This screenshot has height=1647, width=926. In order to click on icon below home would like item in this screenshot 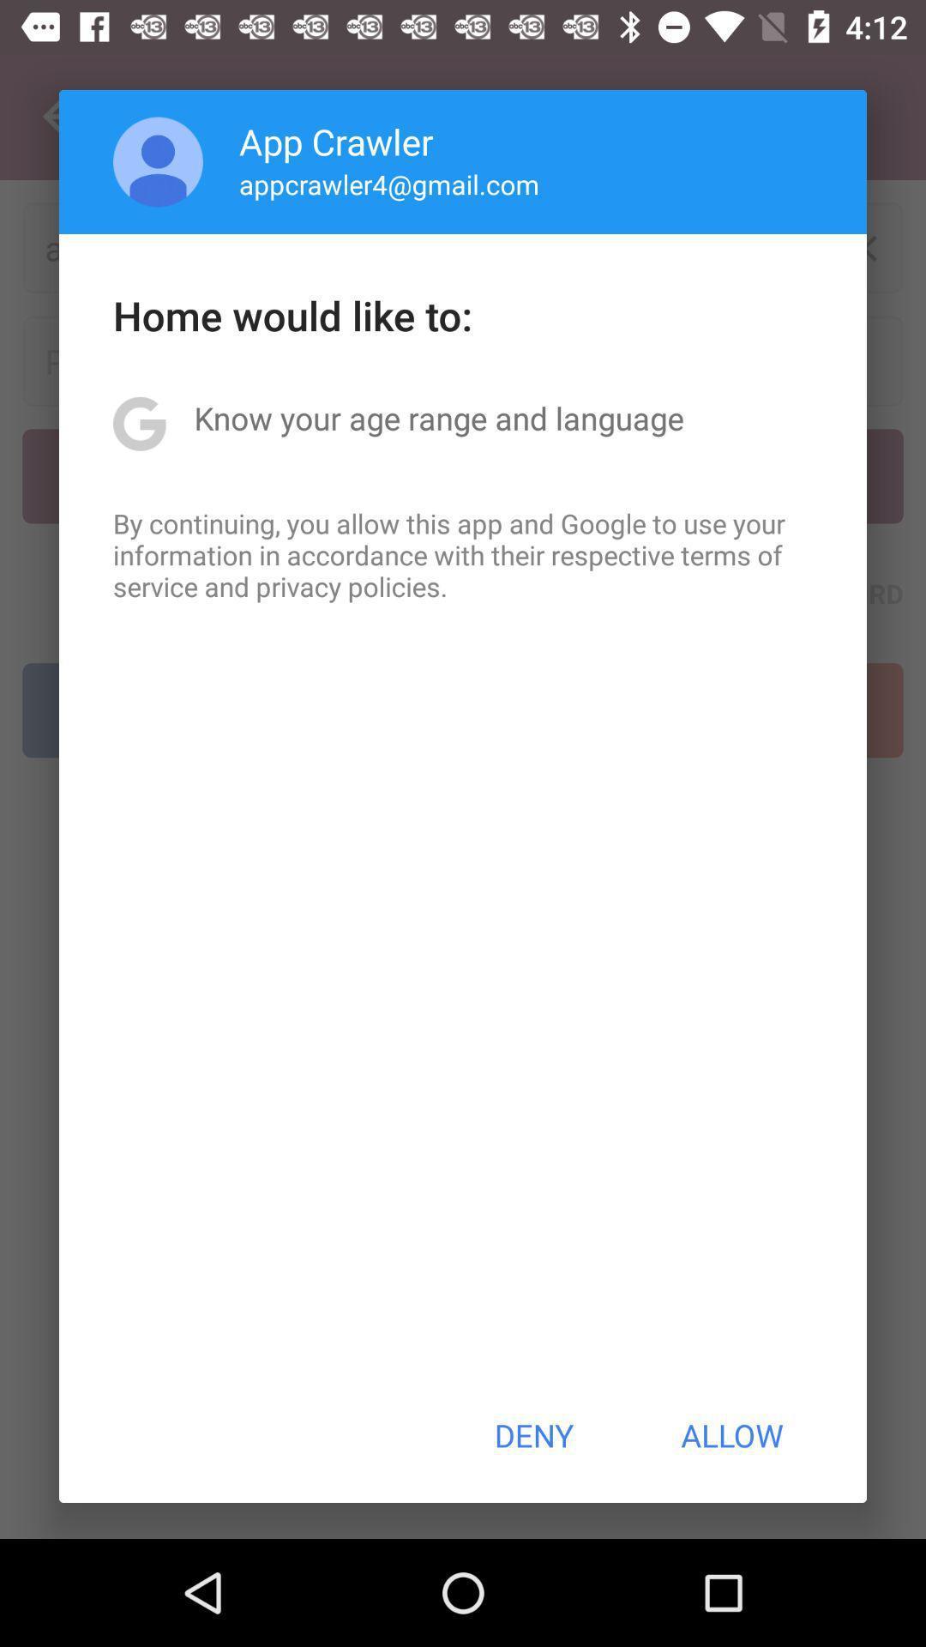, I will do `click(438, 418)`.